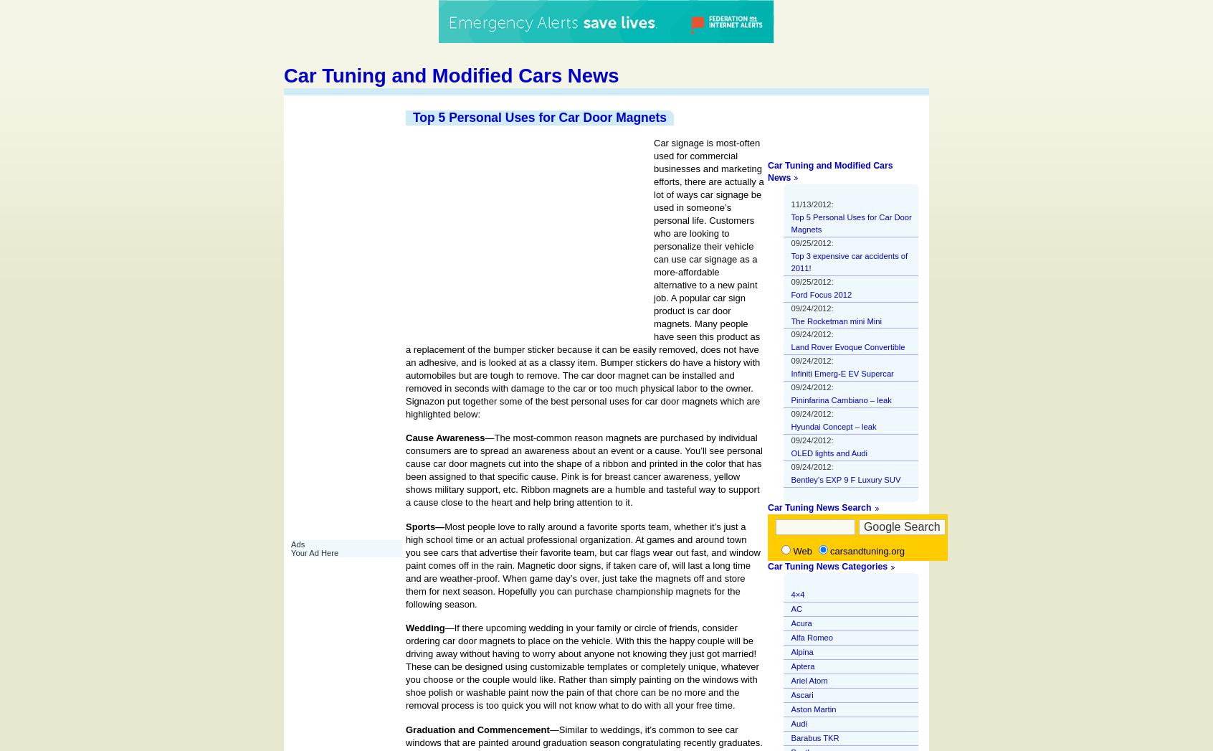 The image size is (1213, 751). I want to click on 'Ads', so click(298, 544).